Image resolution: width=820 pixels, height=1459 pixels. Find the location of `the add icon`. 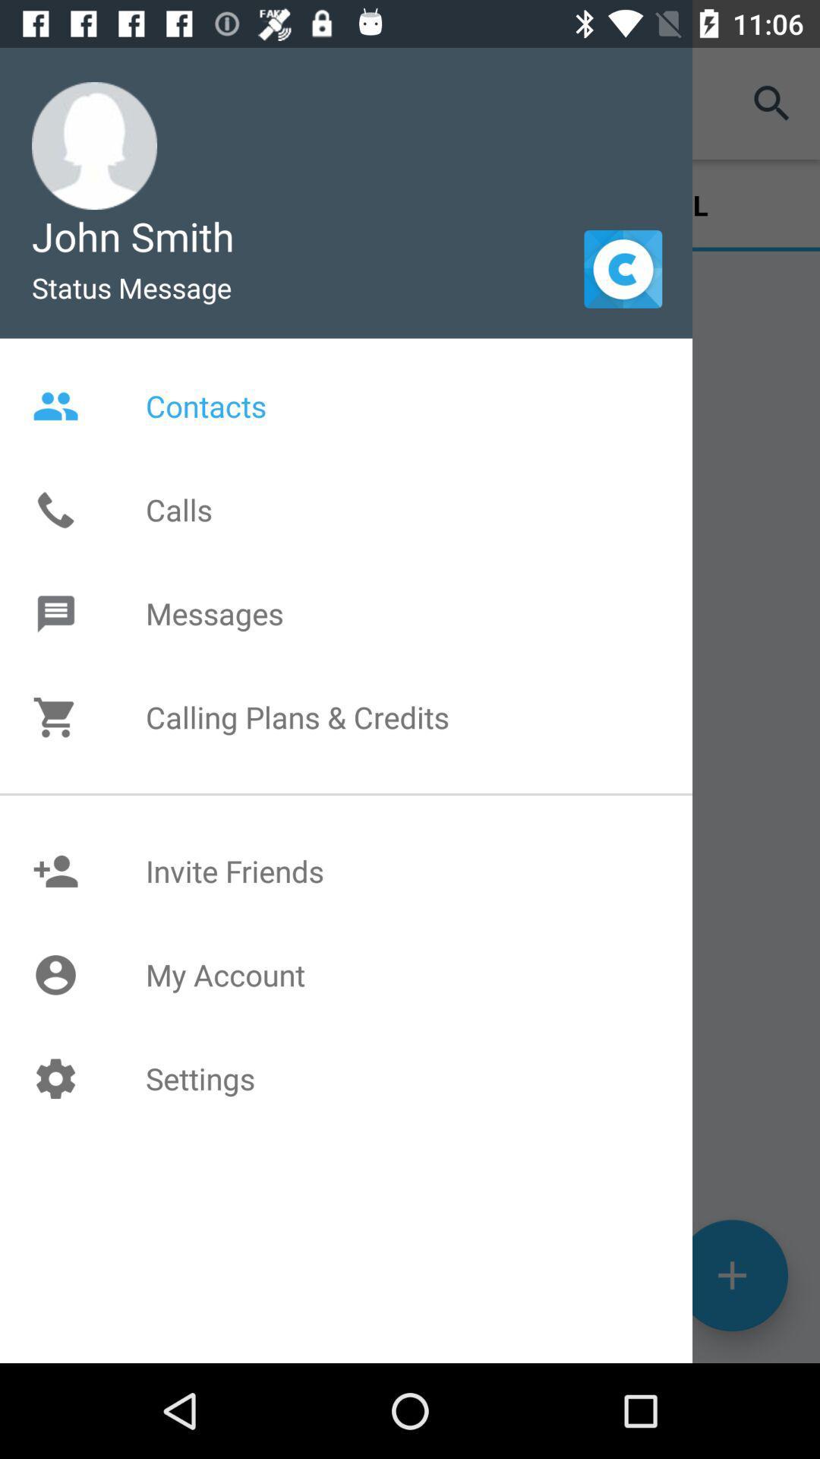

the add icon is located at coordinates (731, 1365).